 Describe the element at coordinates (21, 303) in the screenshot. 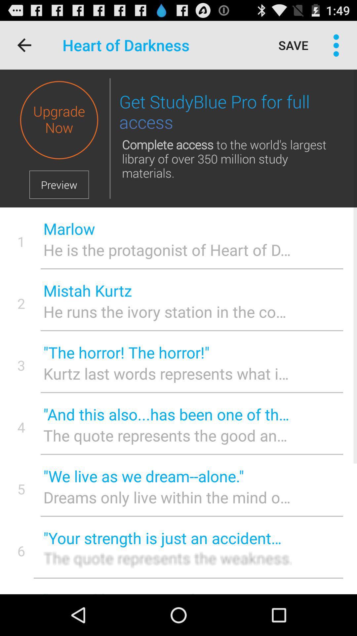

I see `the item next to the mistah kurtz icon` at that location.